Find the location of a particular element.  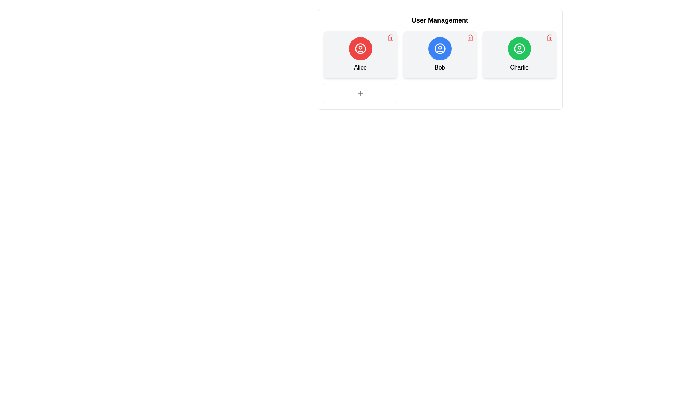

the central icon of the 'Add User' button located under the user profile cards labeled 'Alice', 'Bob', and 'Charlie' to initiate the 'Add User' function is located at coordinates (360, 93).